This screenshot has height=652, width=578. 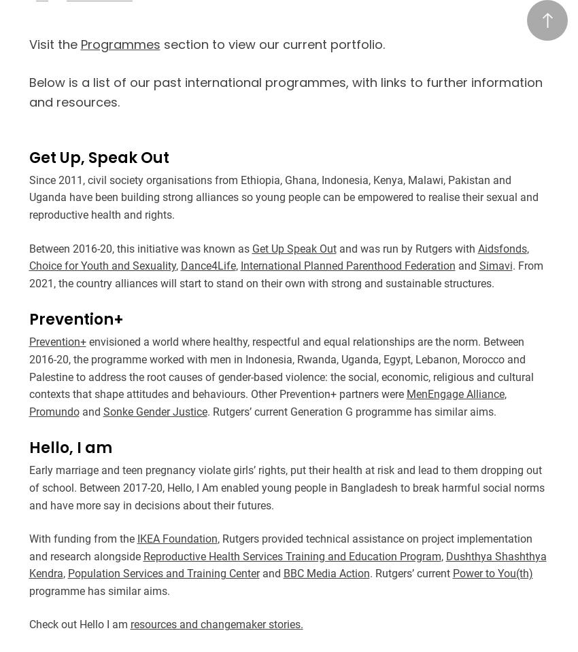 I want to click on 'hangemaker stories.', so click(x=253, y=624).